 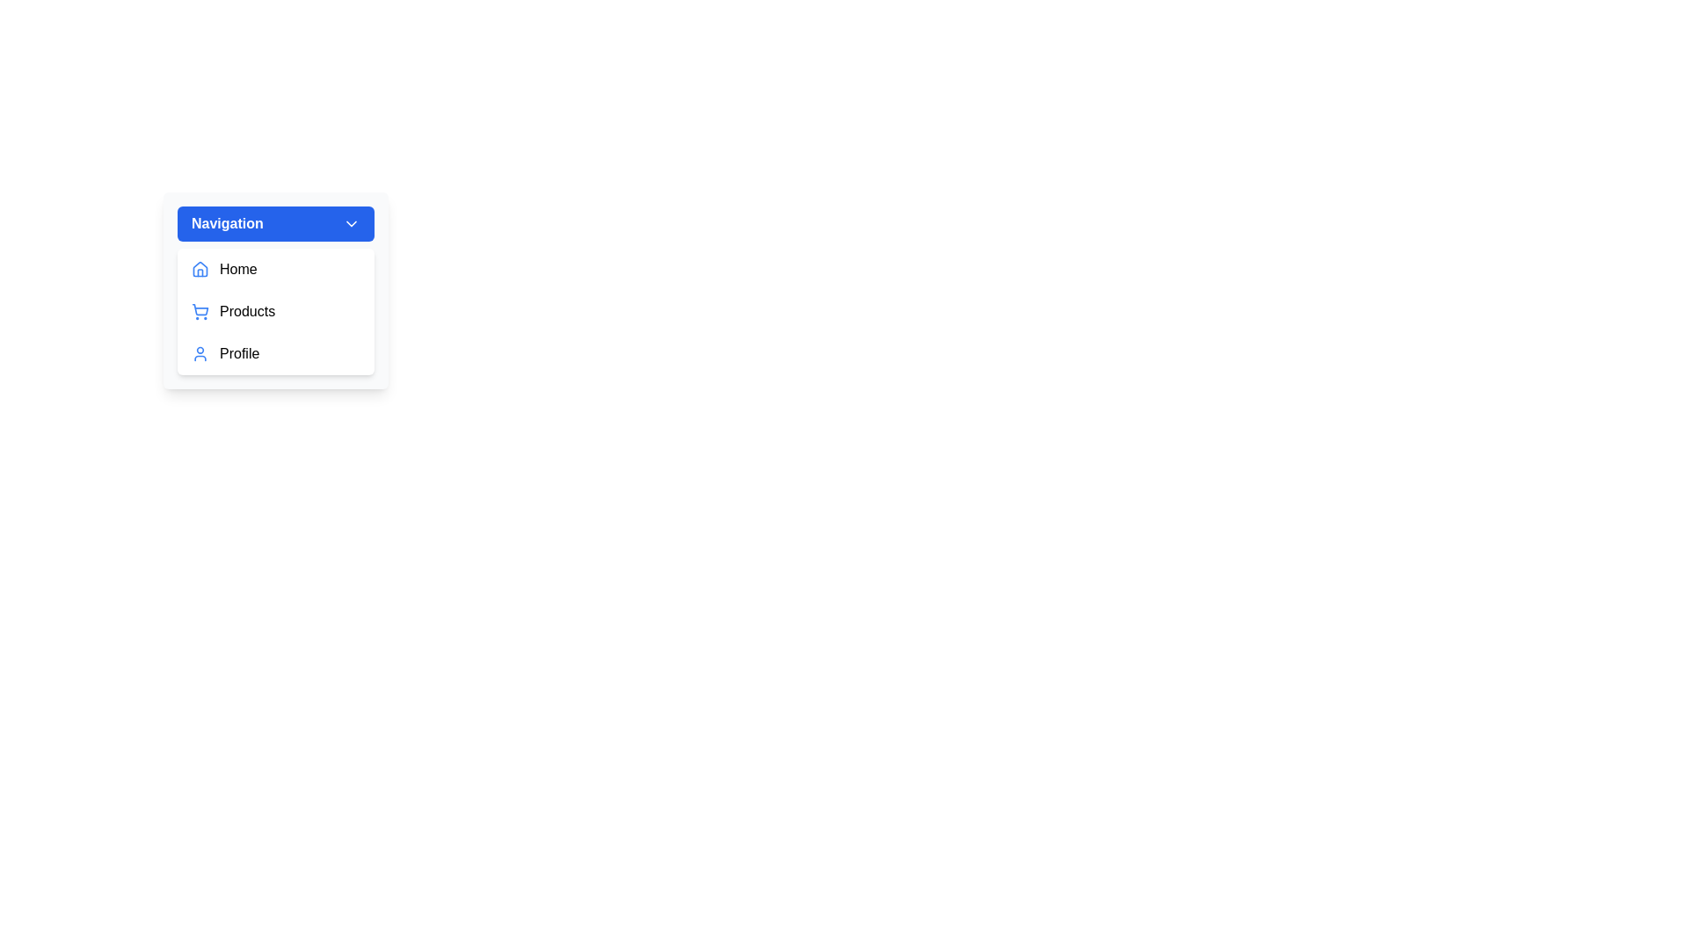 I want to click on the menu item Products, so click(x=274, y=310).